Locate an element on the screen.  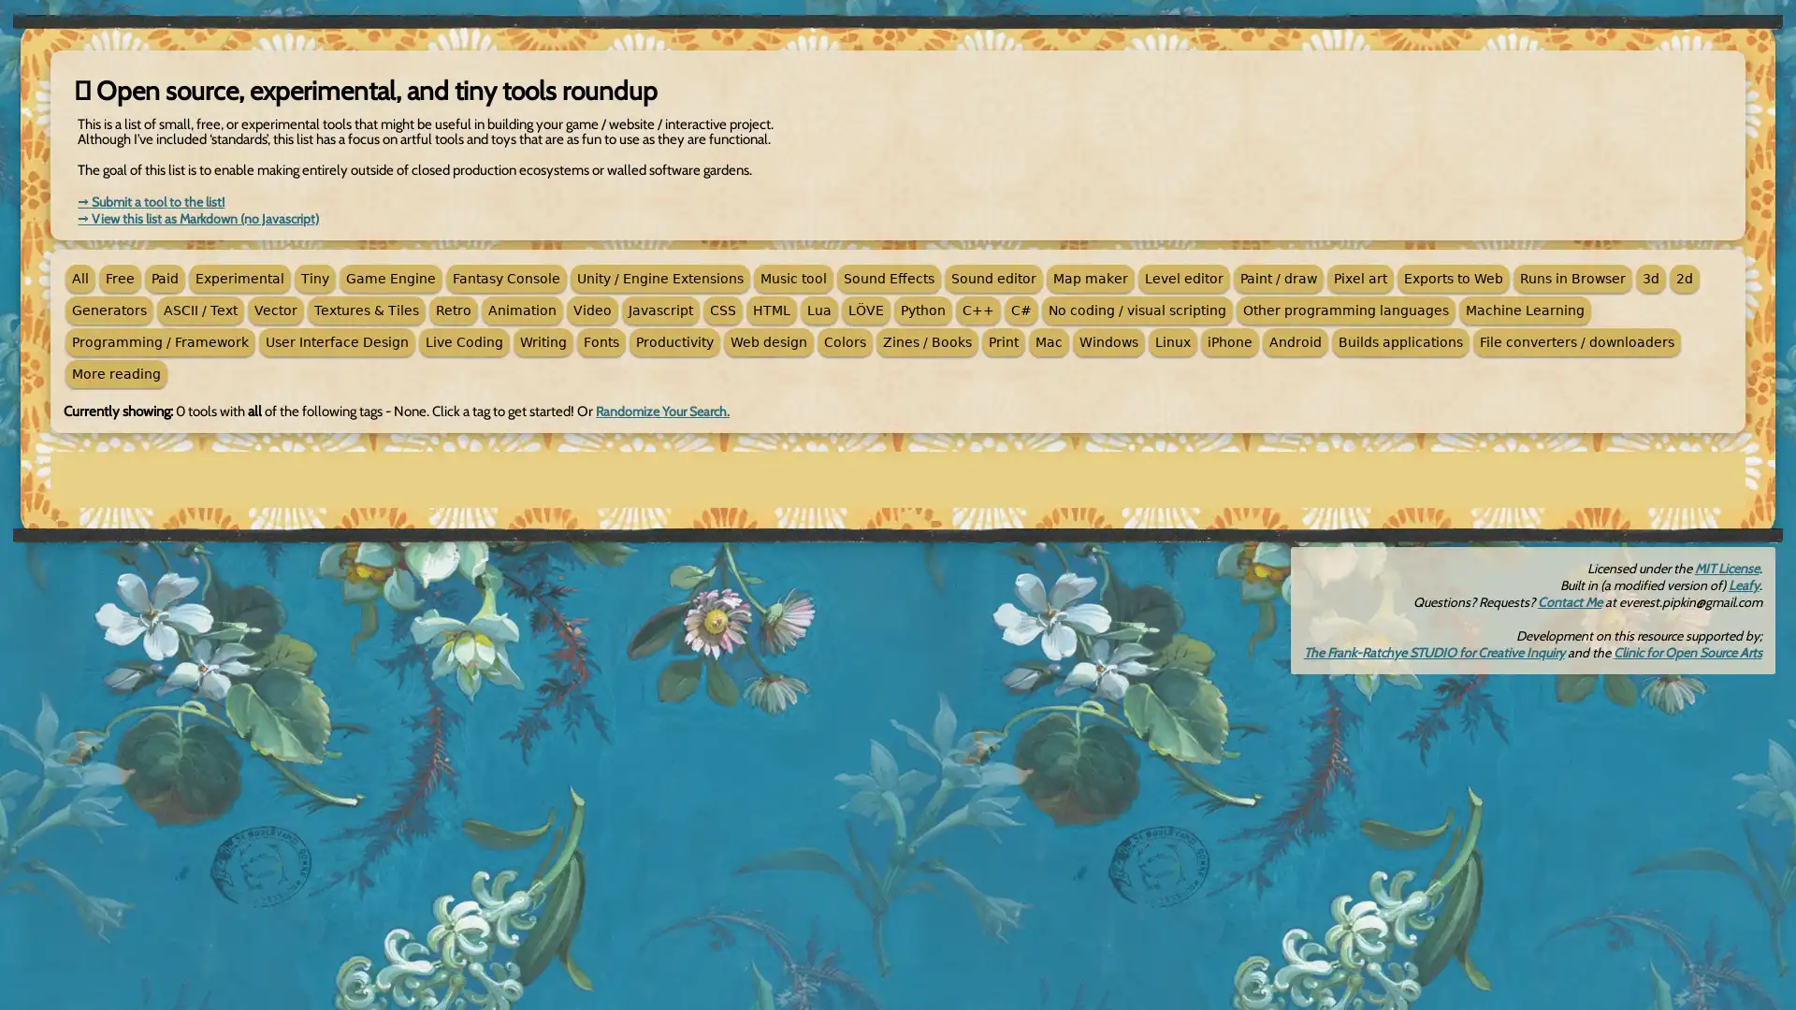
User Interface Design is located at coordinates (337, 342).